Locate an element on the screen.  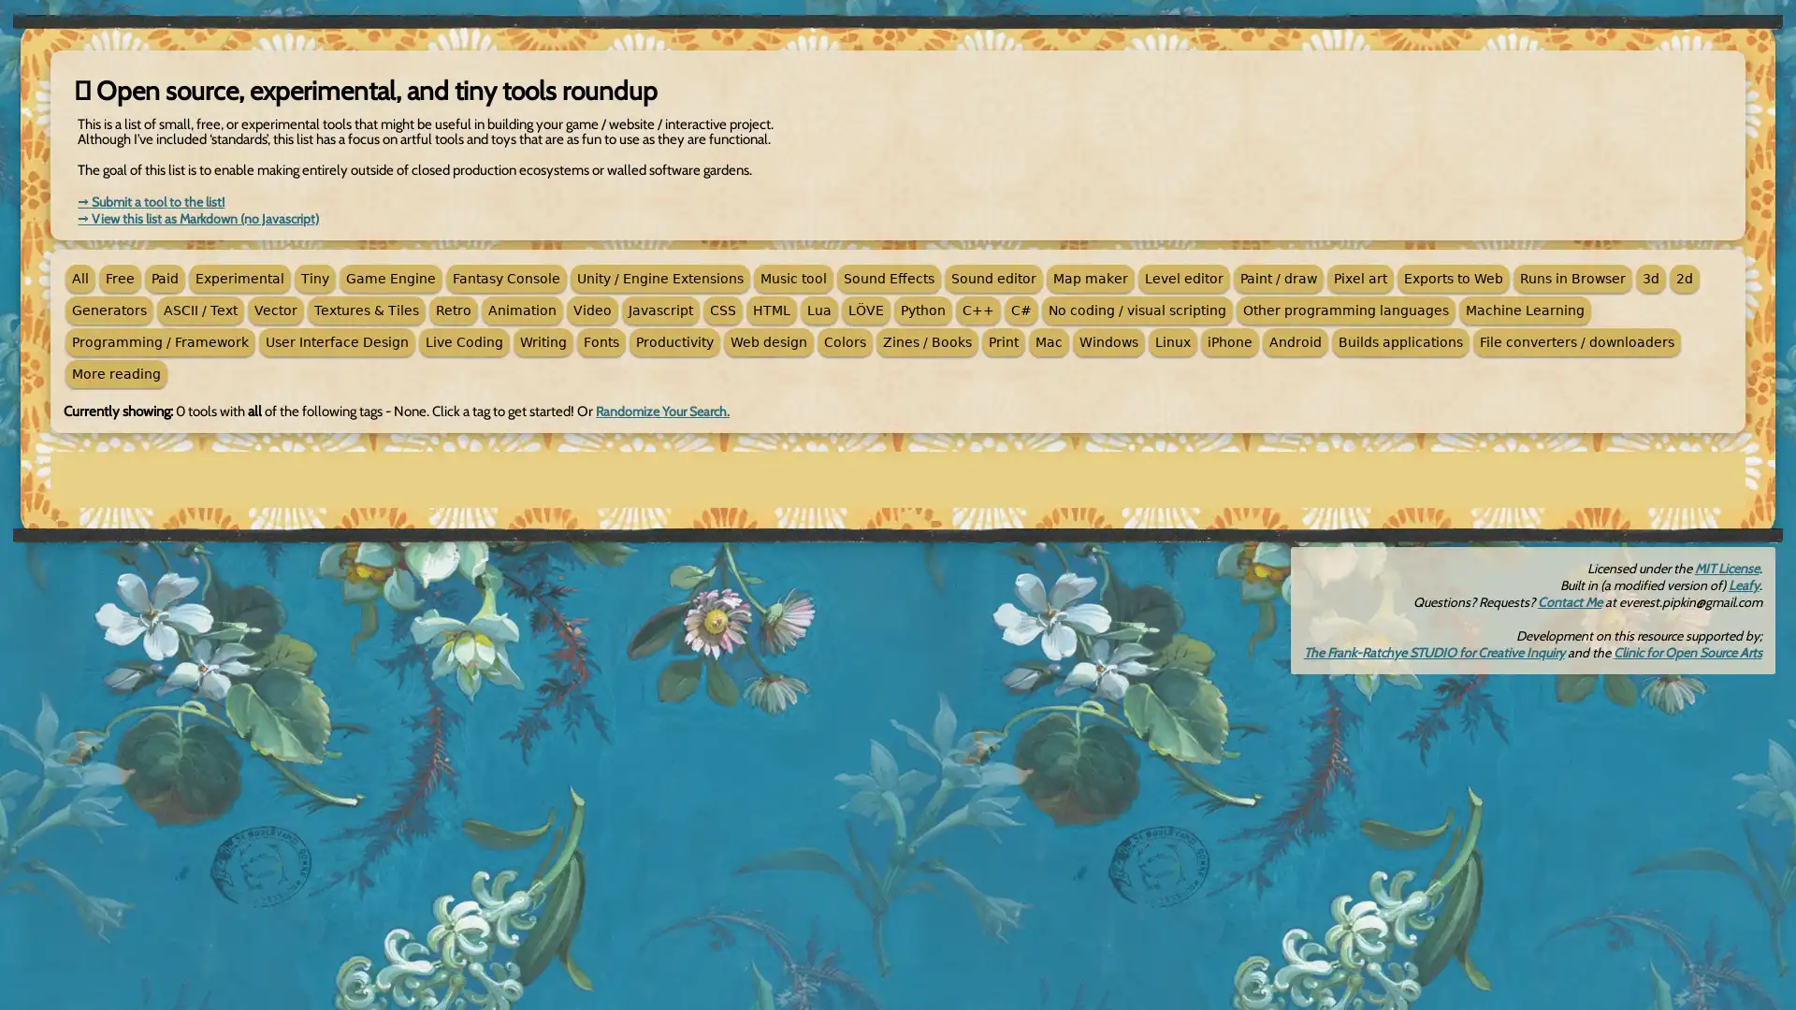
User Interface Design is located at coordinates (337, 342).